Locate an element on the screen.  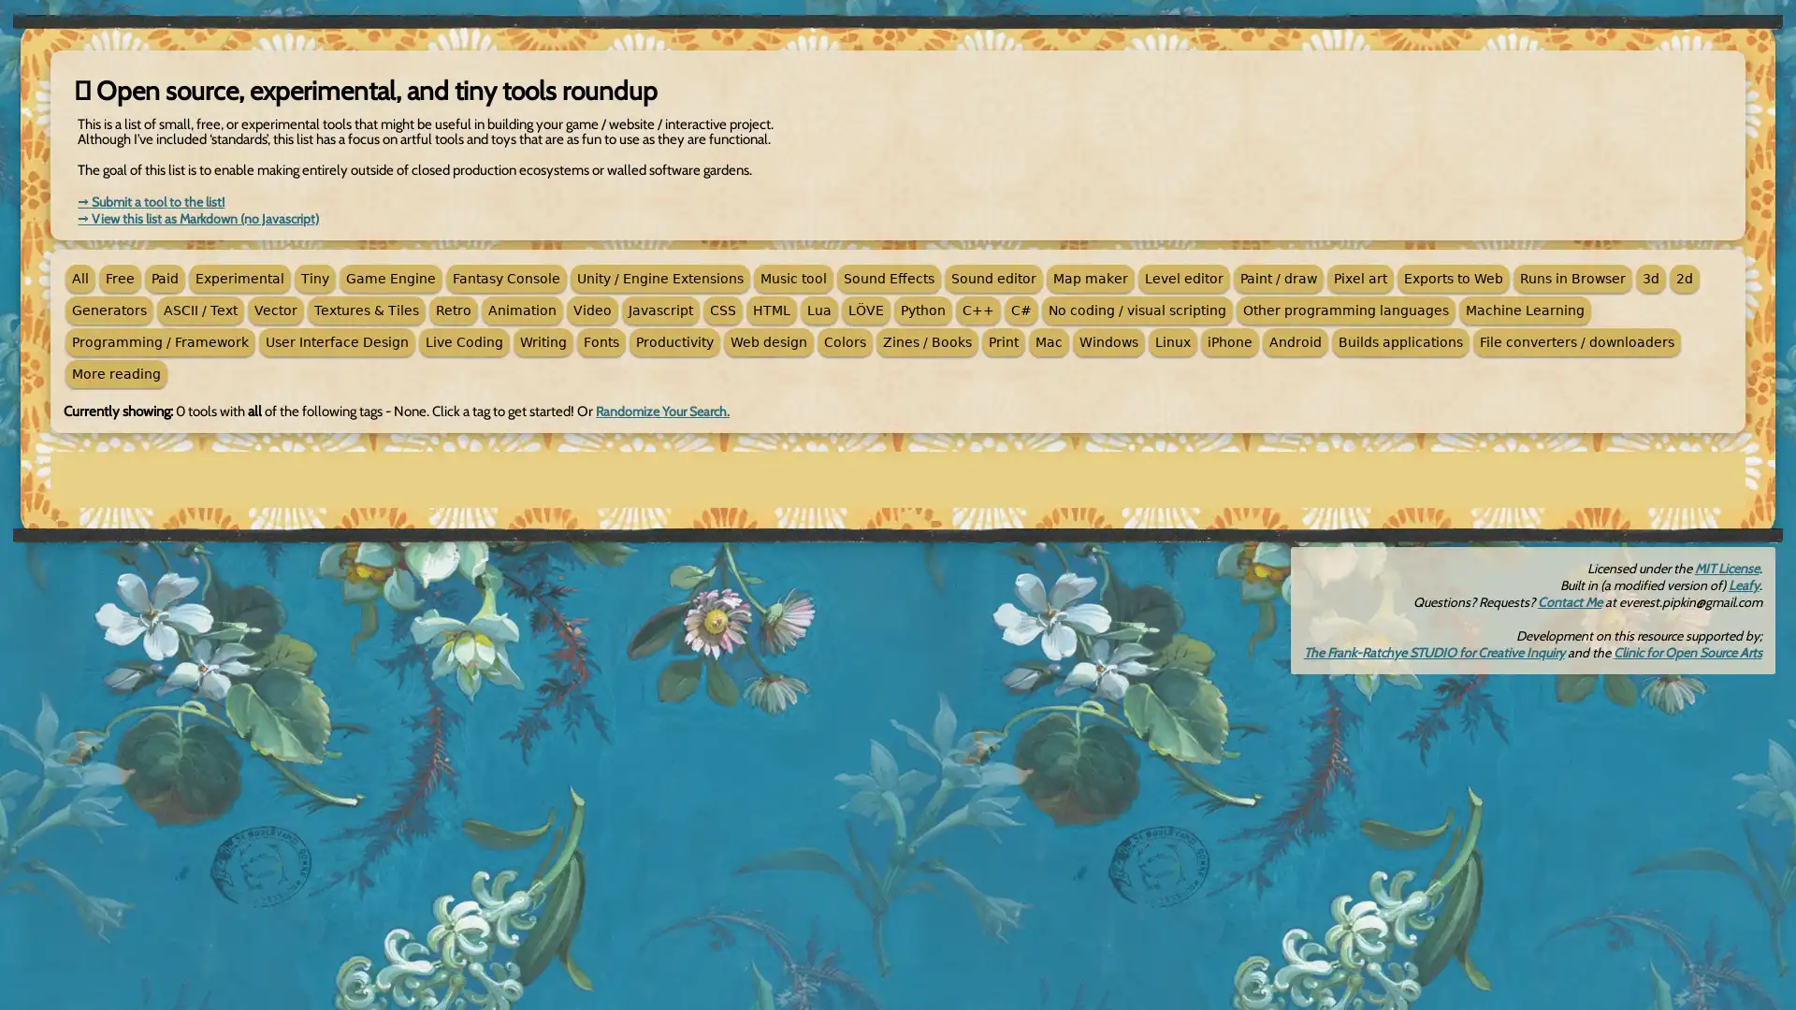
User Interface Design is located at coordinates (337, 342).